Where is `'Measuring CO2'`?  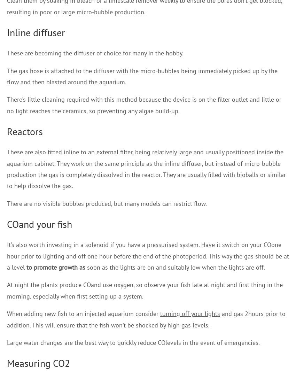 'Measuring CO2' is located at coordinates (38, 363).